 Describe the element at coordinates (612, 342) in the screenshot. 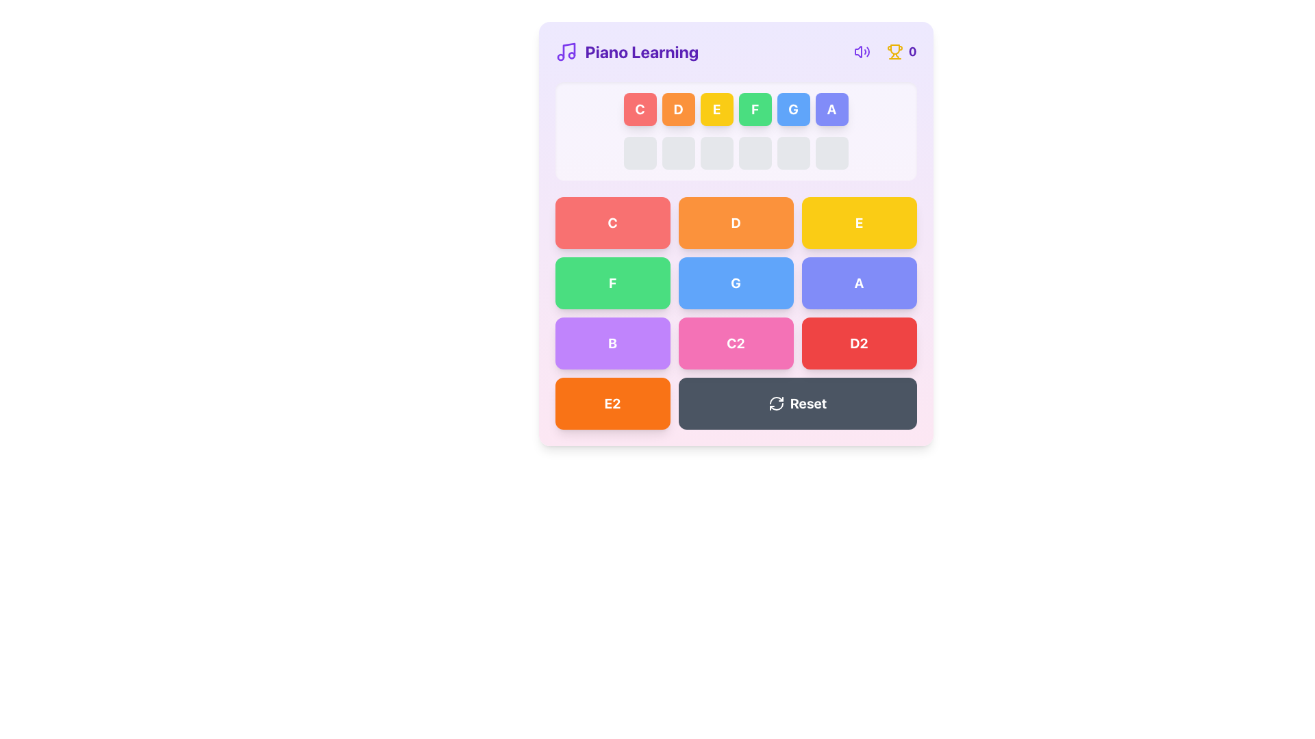

I see `the rectangular purple button with the letter 'B' in bold white text, located in the third row, first column of the grid` at that location.